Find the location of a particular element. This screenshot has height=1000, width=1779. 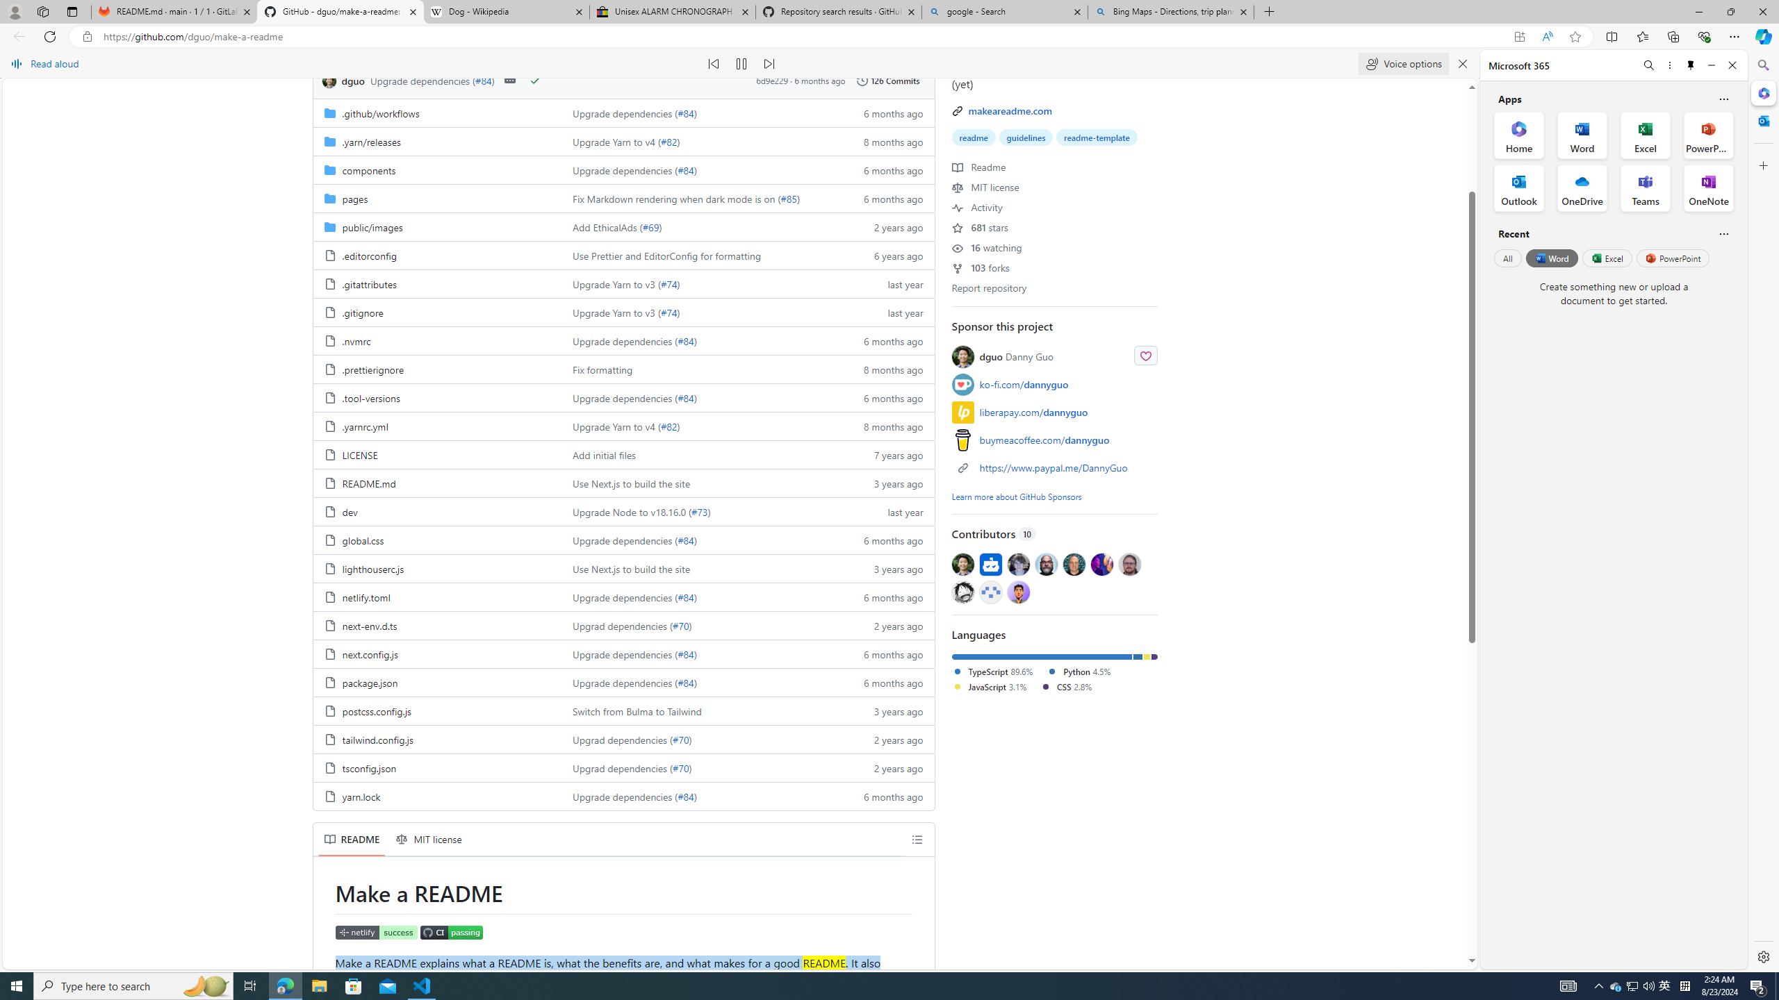

'ko-fi.com/dannyguo' is located at coordinates (1023, 385).